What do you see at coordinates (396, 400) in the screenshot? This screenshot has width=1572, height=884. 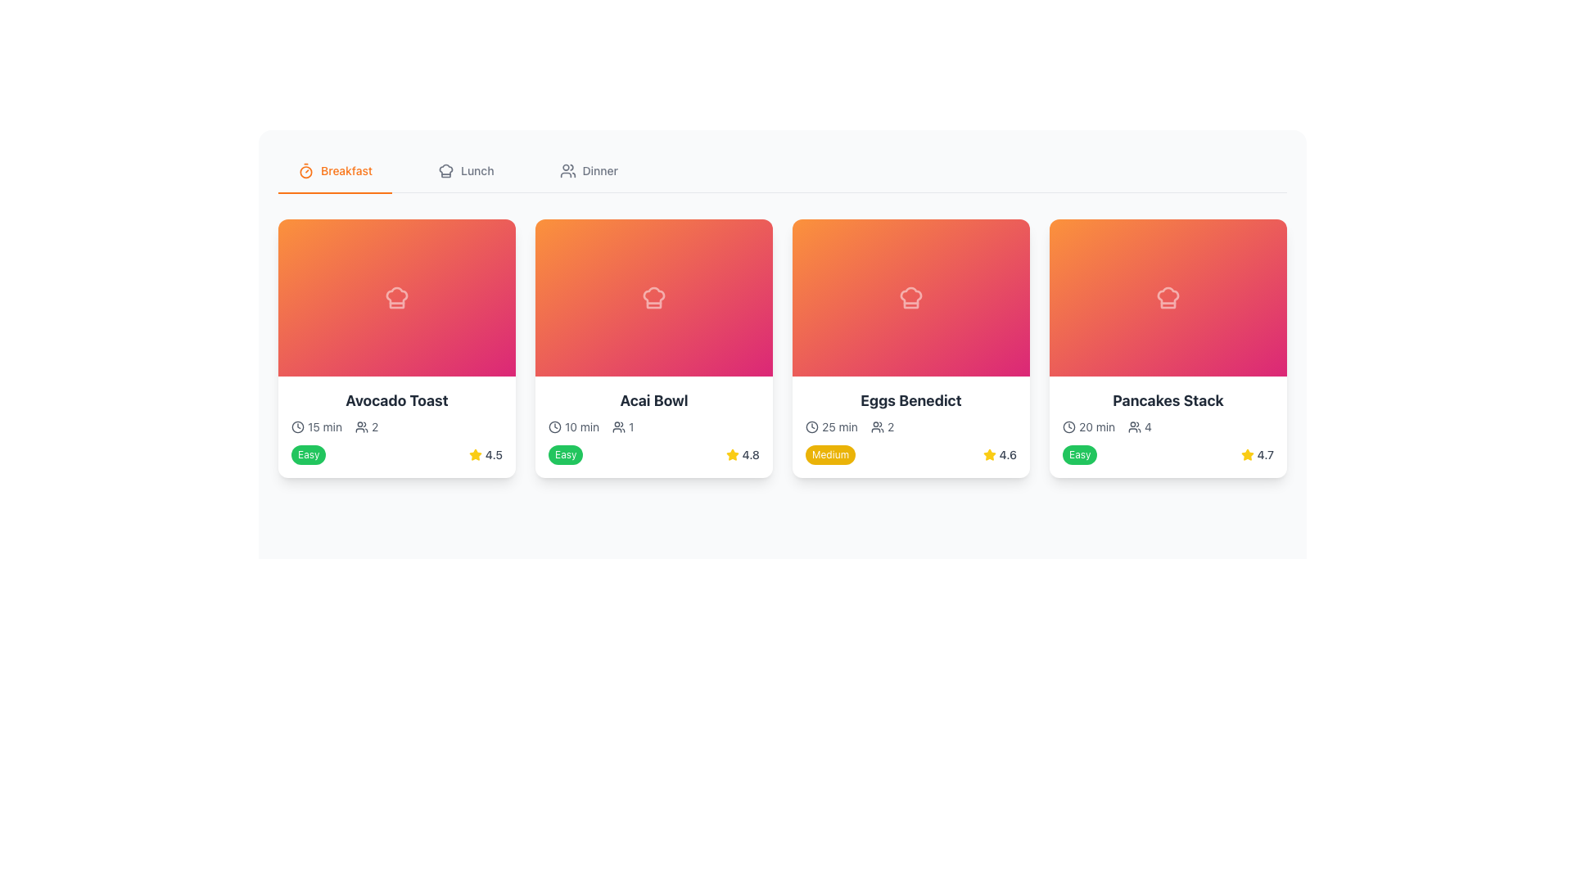 I see `the bold, large-sized text block saying 'Avocado Toast' which is styled in dark gray and located at the top of its recipe card` at bounding box center [396, 400].